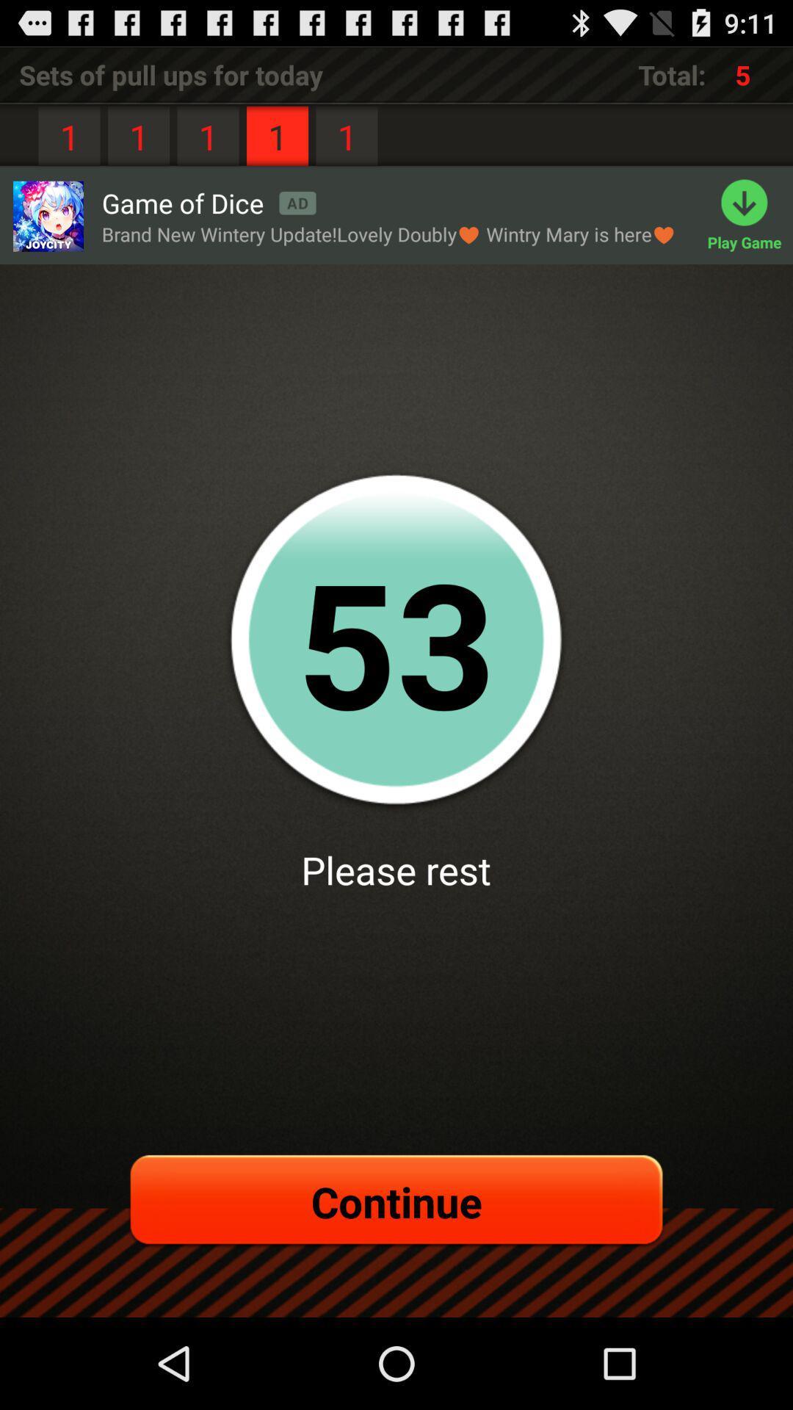 This screenshot has height=1410, width=793. Describe the element at coordinates (47, 215) in the screenshot. I see `the app next to game of dice item` at that location.